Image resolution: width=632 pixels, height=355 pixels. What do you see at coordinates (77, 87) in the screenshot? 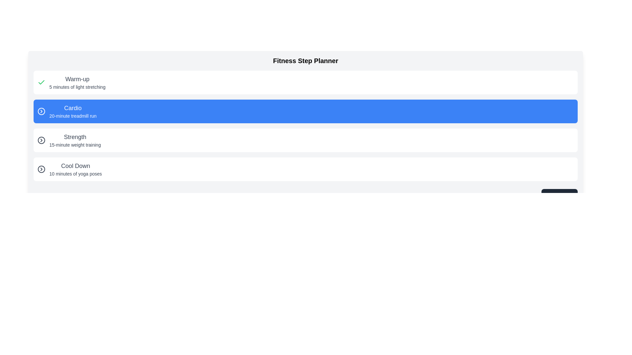
I see `the text label providing additional details about the 'Warm-up' activity, which is positioned directly beneath the 'Warm-up' heading` at bounding box center [77, 87].